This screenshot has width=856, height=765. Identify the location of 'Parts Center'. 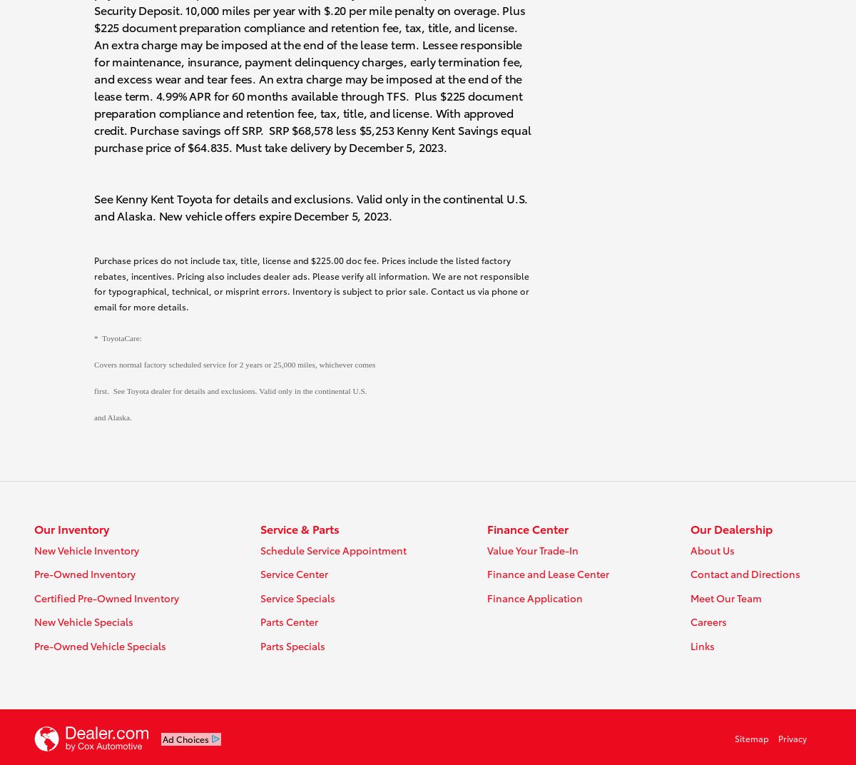
(259, 621).